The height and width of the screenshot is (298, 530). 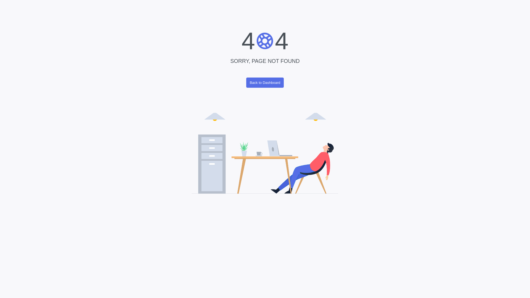 What do you see at coordinates (265, 83) in the screenshot?
I see `'Back to Dashboard'` at bounding box center [265, 83].